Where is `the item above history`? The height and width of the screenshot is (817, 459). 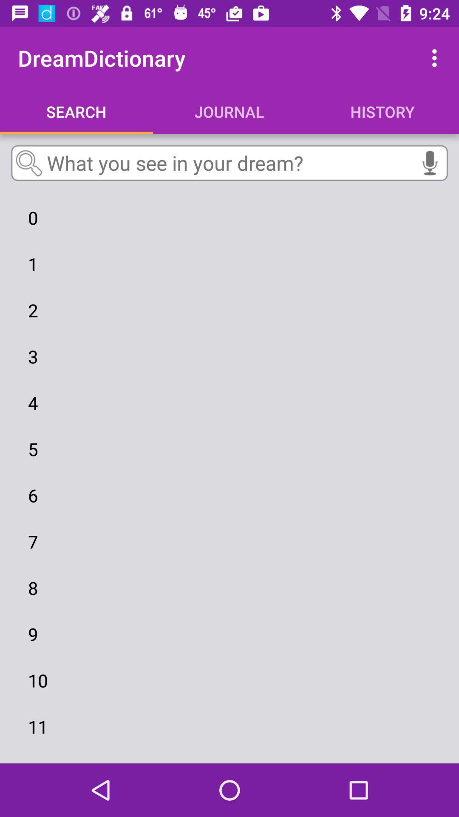 the item above history is located at coordinates (436, 57).